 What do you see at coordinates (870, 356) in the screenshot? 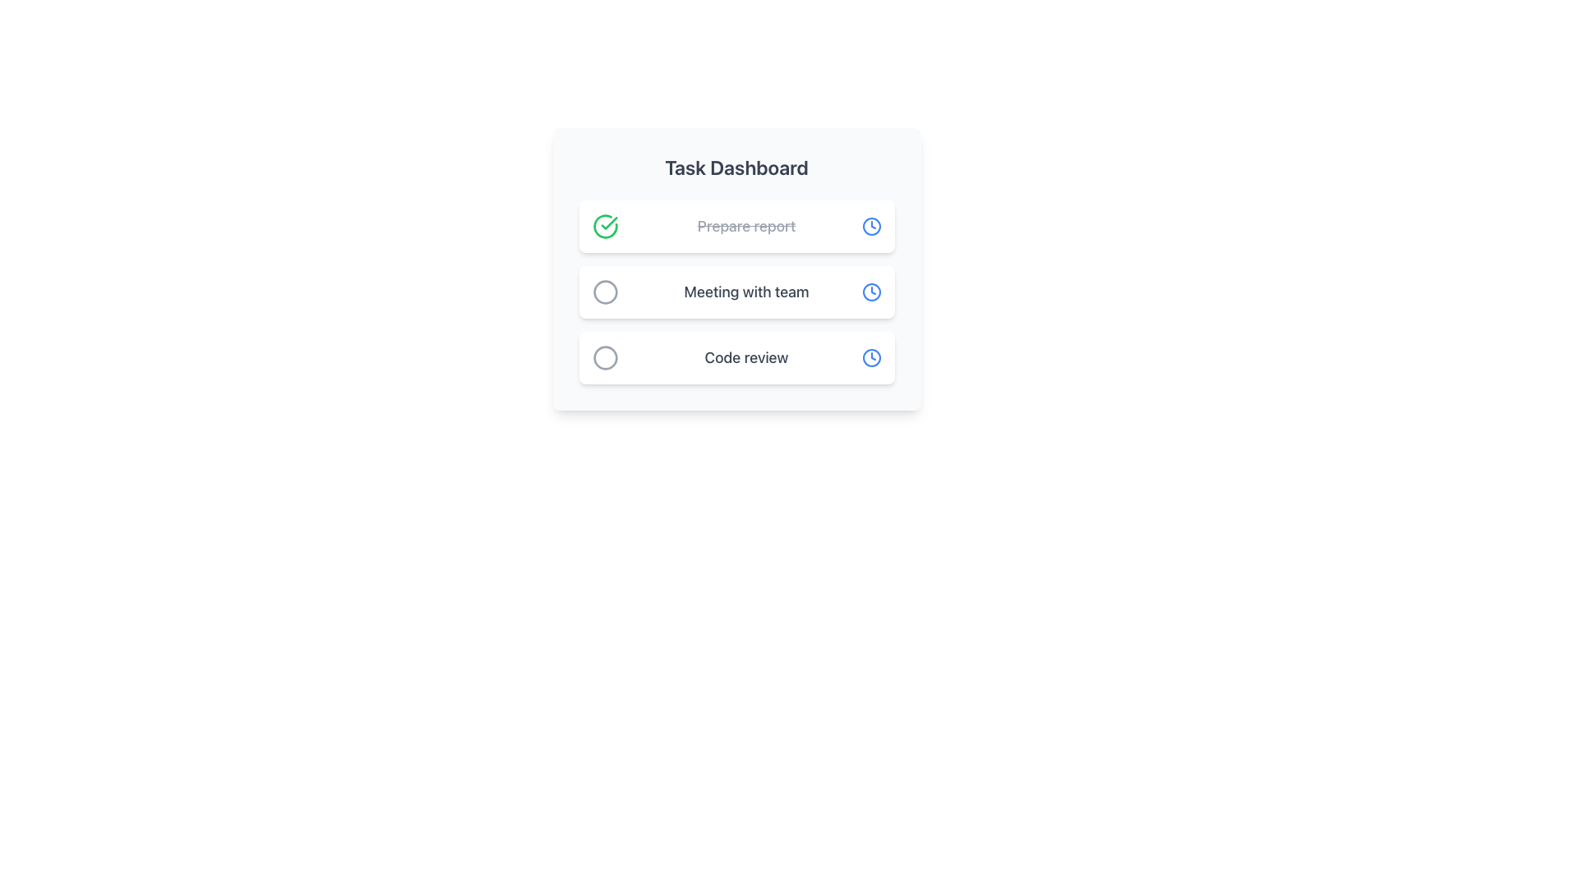
I see `the blue-stroked circular outline of the clock icon located in the bottom-right corner of the 'Code Review' task row in the task dashboard interface` at bounding box center [870, 356].